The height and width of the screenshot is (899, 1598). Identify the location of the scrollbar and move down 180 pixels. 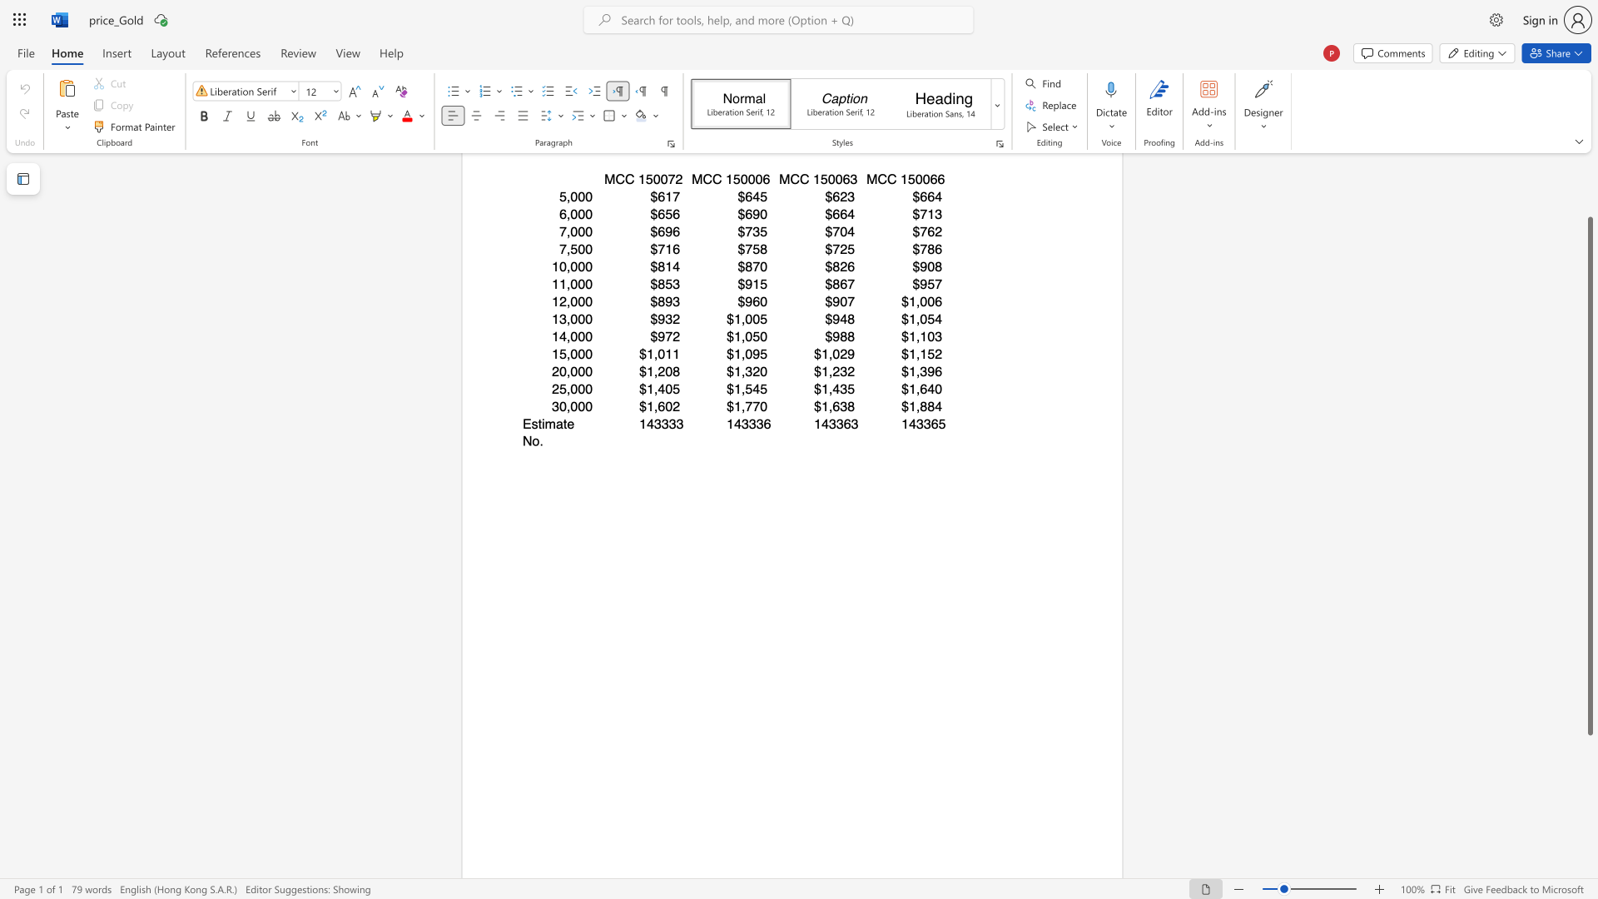
(1589, 476).